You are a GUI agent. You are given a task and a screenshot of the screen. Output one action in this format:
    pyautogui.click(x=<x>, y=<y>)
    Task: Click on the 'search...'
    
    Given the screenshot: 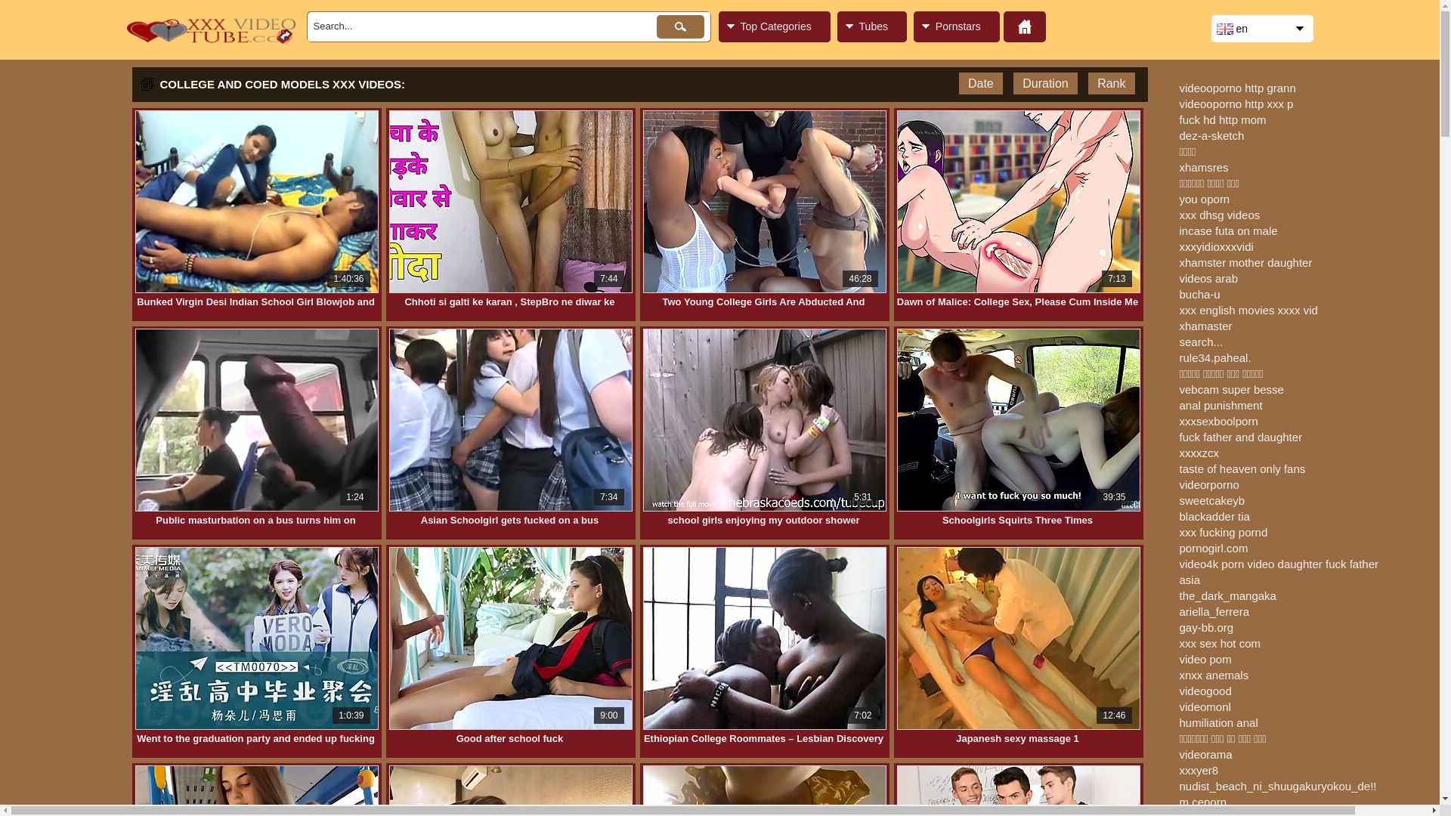 What is the action you would take?
    pyautogui.click(x=1199, y=342)
    